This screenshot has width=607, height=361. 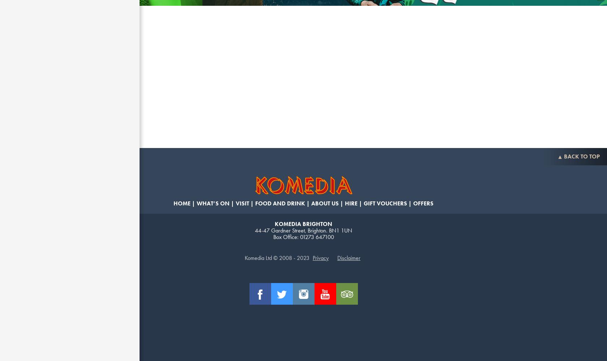 What do you see at coordinates (277, 257) in the screenshot?
I see `'Komedia Ltd © 2008 - 2023'` at bounding box center [277, 257].